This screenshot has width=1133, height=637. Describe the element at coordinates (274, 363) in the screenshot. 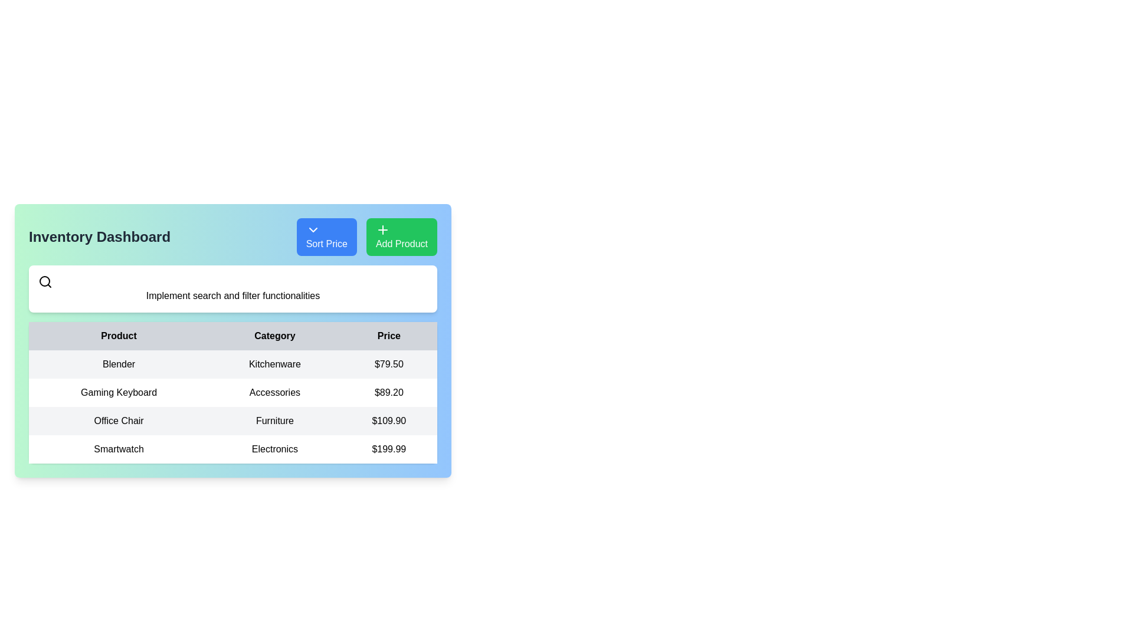

I see `text label 'Kitchenware' located in the second column of the row labeled 'Blender' in the 'Category' column of the table` at that location.